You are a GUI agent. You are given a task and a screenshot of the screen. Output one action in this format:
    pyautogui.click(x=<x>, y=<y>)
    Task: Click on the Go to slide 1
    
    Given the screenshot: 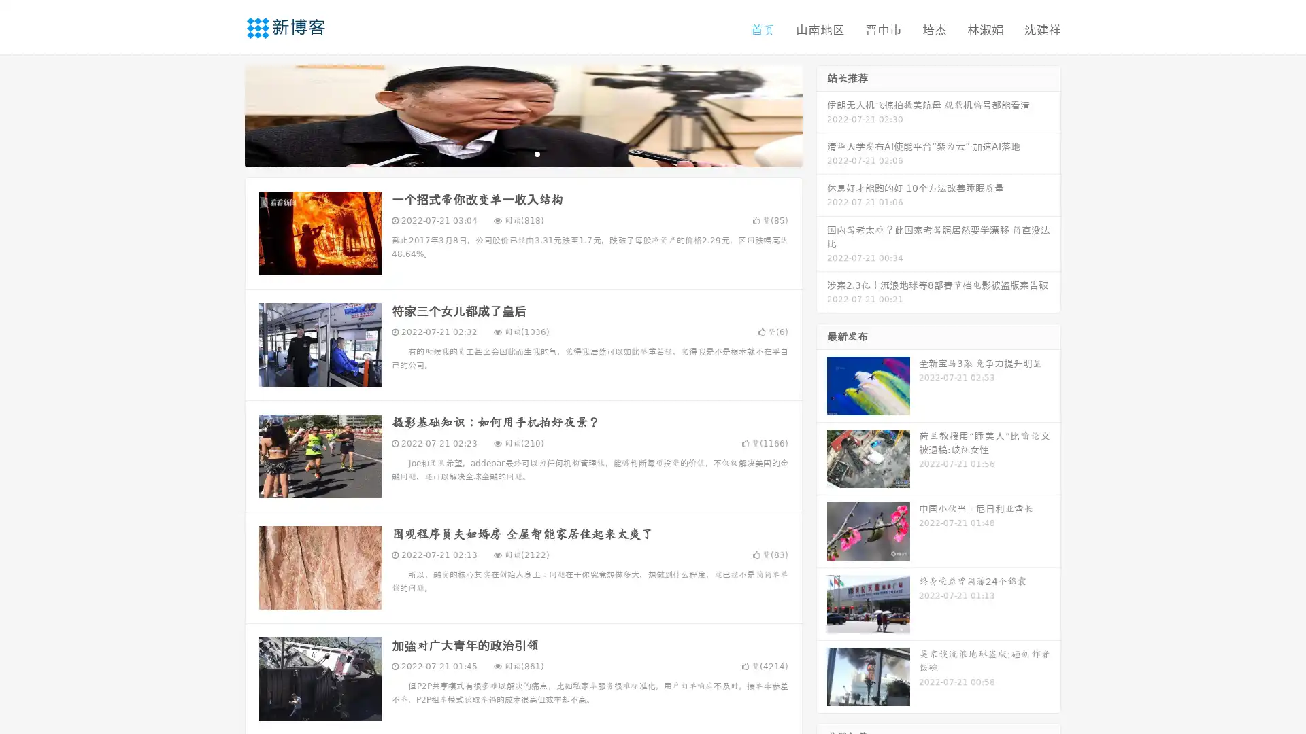 What is the action you would take?
    pyautogui.click(x=509, y=153)
    